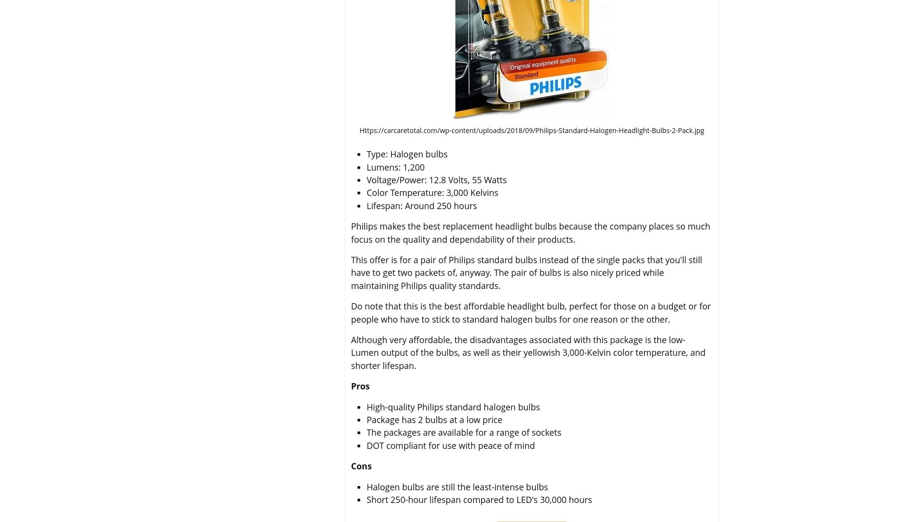  What do you see at coordinates (367, 166) in the screenshot?
I see `'Lumens: 1,200'` at bounding box center [367, 166].